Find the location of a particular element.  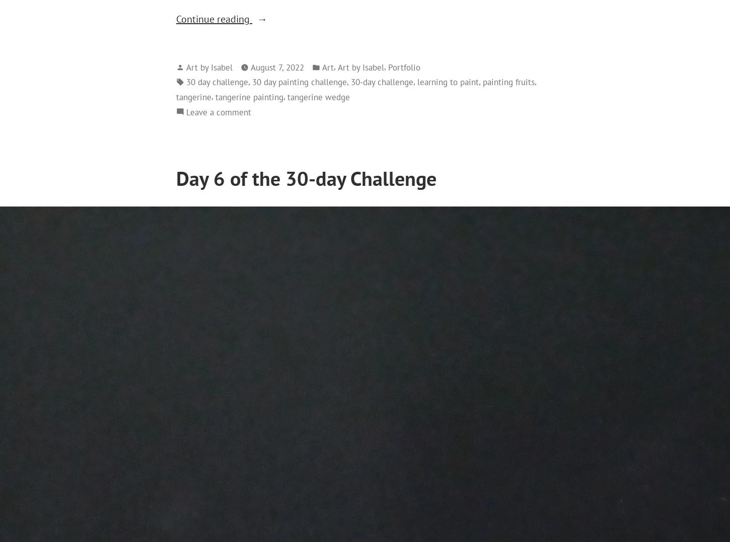

'tangerine painting' is located at coordinates (249, 96).